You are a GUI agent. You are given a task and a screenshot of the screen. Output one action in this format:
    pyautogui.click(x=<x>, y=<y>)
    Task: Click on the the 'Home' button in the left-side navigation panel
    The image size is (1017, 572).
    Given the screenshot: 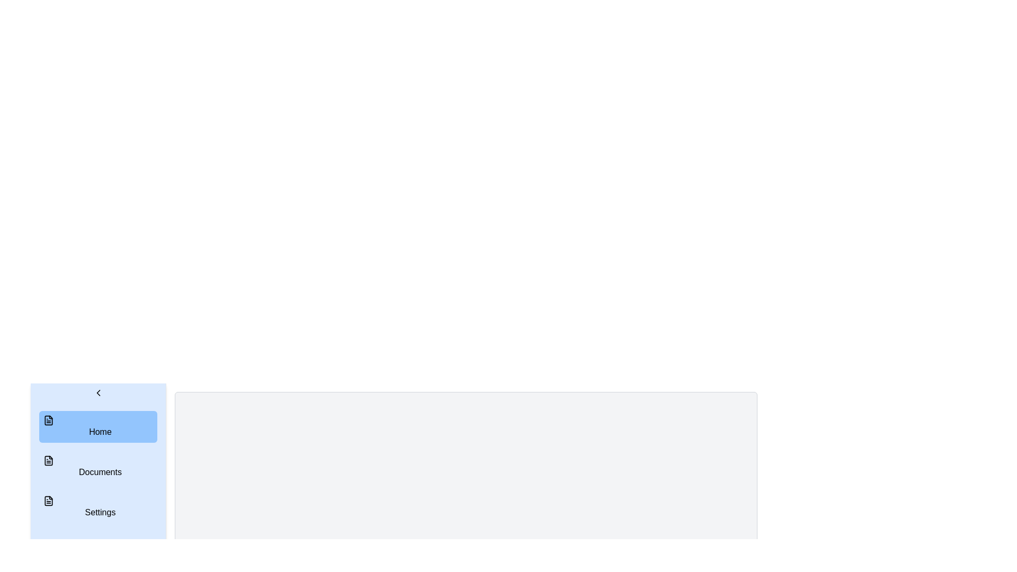 What is the action you would take?
    pyautogui.click(x=98, y=426)
    